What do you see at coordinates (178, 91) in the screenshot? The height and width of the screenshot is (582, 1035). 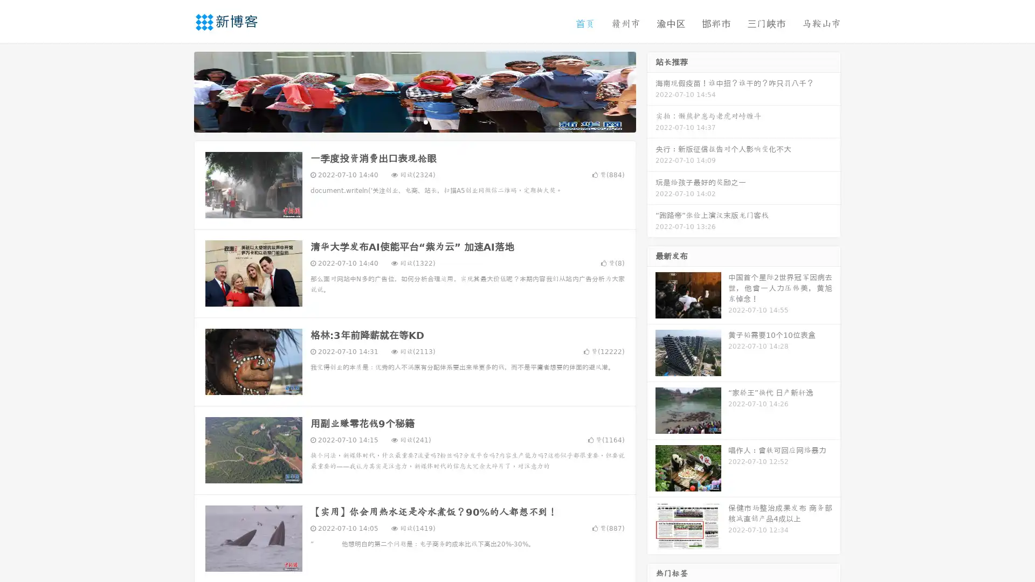 I see `Previous slide` at bounding box center [178, 91].